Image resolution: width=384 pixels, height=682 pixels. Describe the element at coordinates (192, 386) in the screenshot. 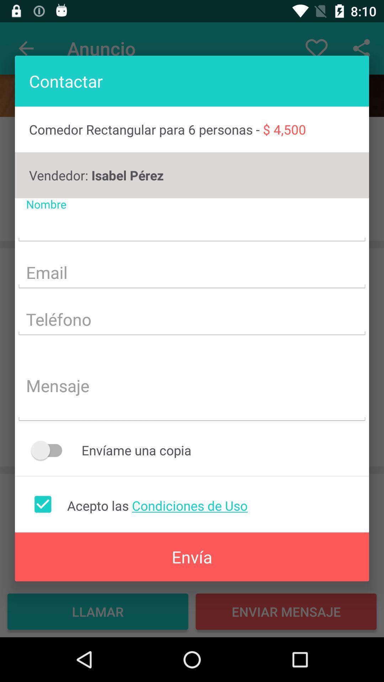

I see `a mensaje` at that location.